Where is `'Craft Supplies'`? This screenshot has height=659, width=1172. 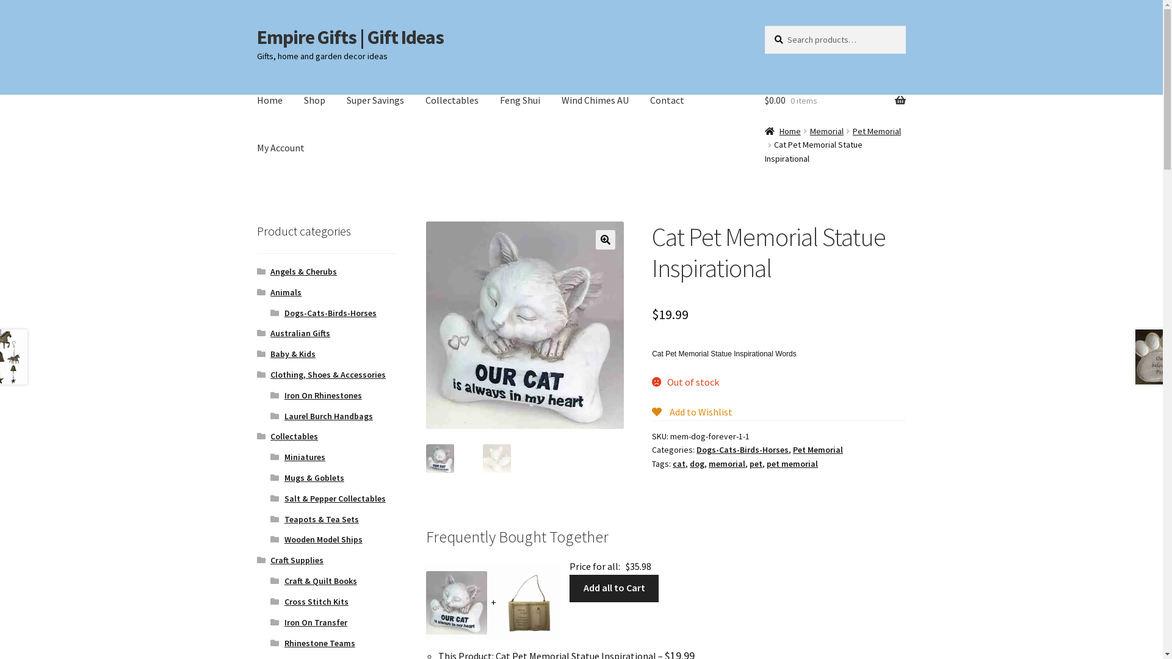 'Craft Supplies' is located at coordinates (297, 560).